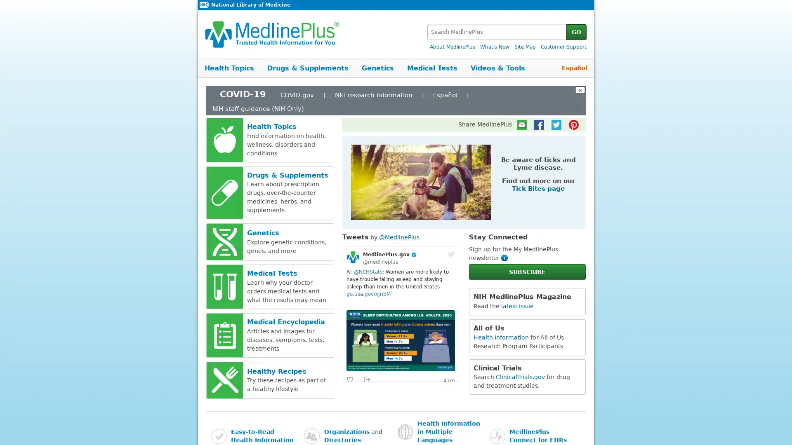 The width and height of the screenshot is (792, 445). Describe the element at coordinates (576, 31) in the screenshot. I see `GO` at that location.